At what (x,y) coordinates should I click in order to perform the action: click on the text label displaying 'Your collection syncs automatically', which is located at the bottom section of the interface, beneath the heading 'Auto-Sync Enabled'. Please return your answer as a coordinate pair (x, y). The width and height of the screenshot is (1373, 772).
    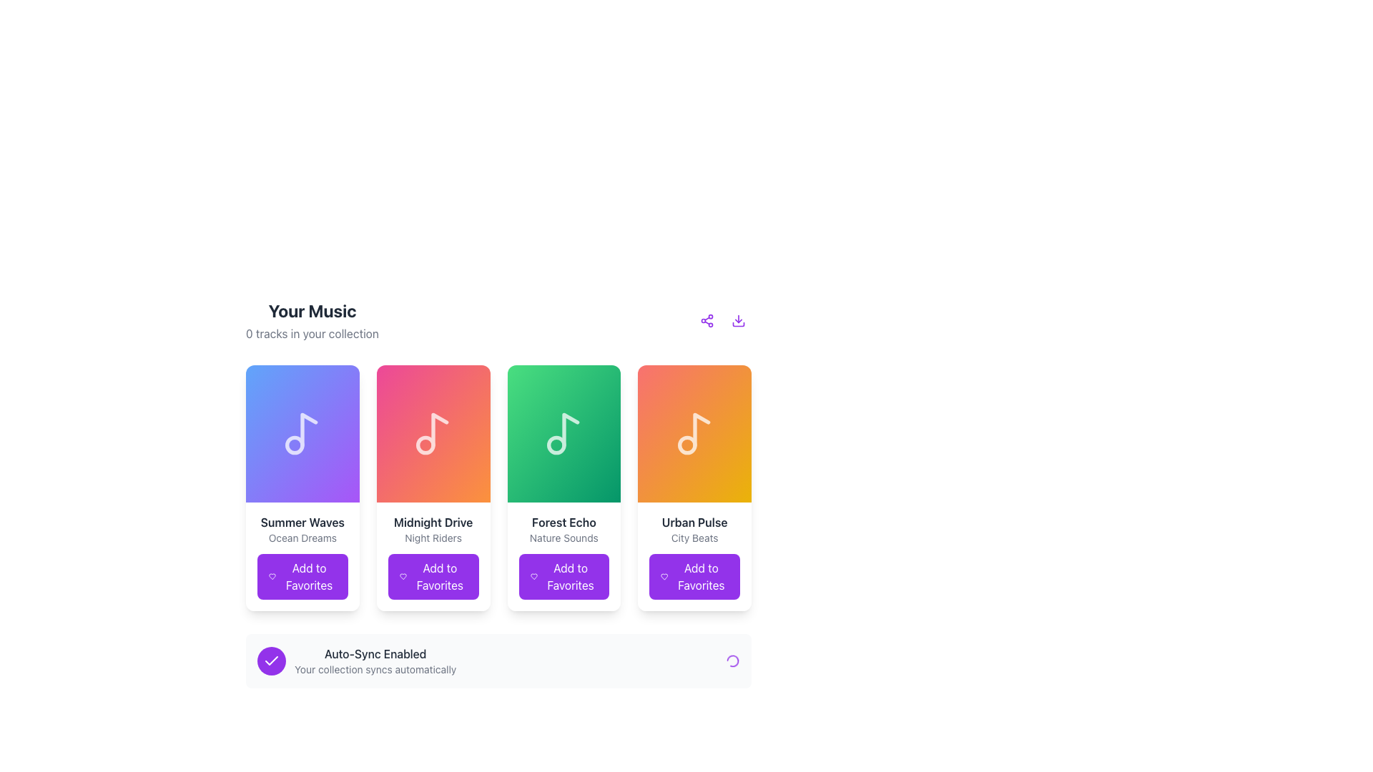
    Looking at the image, I should click on (375, 670).